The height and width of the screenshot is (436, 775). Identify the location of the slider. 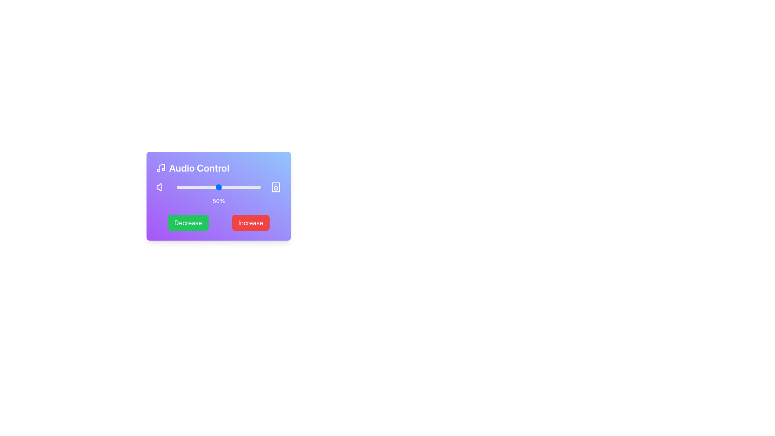
(180, 187).